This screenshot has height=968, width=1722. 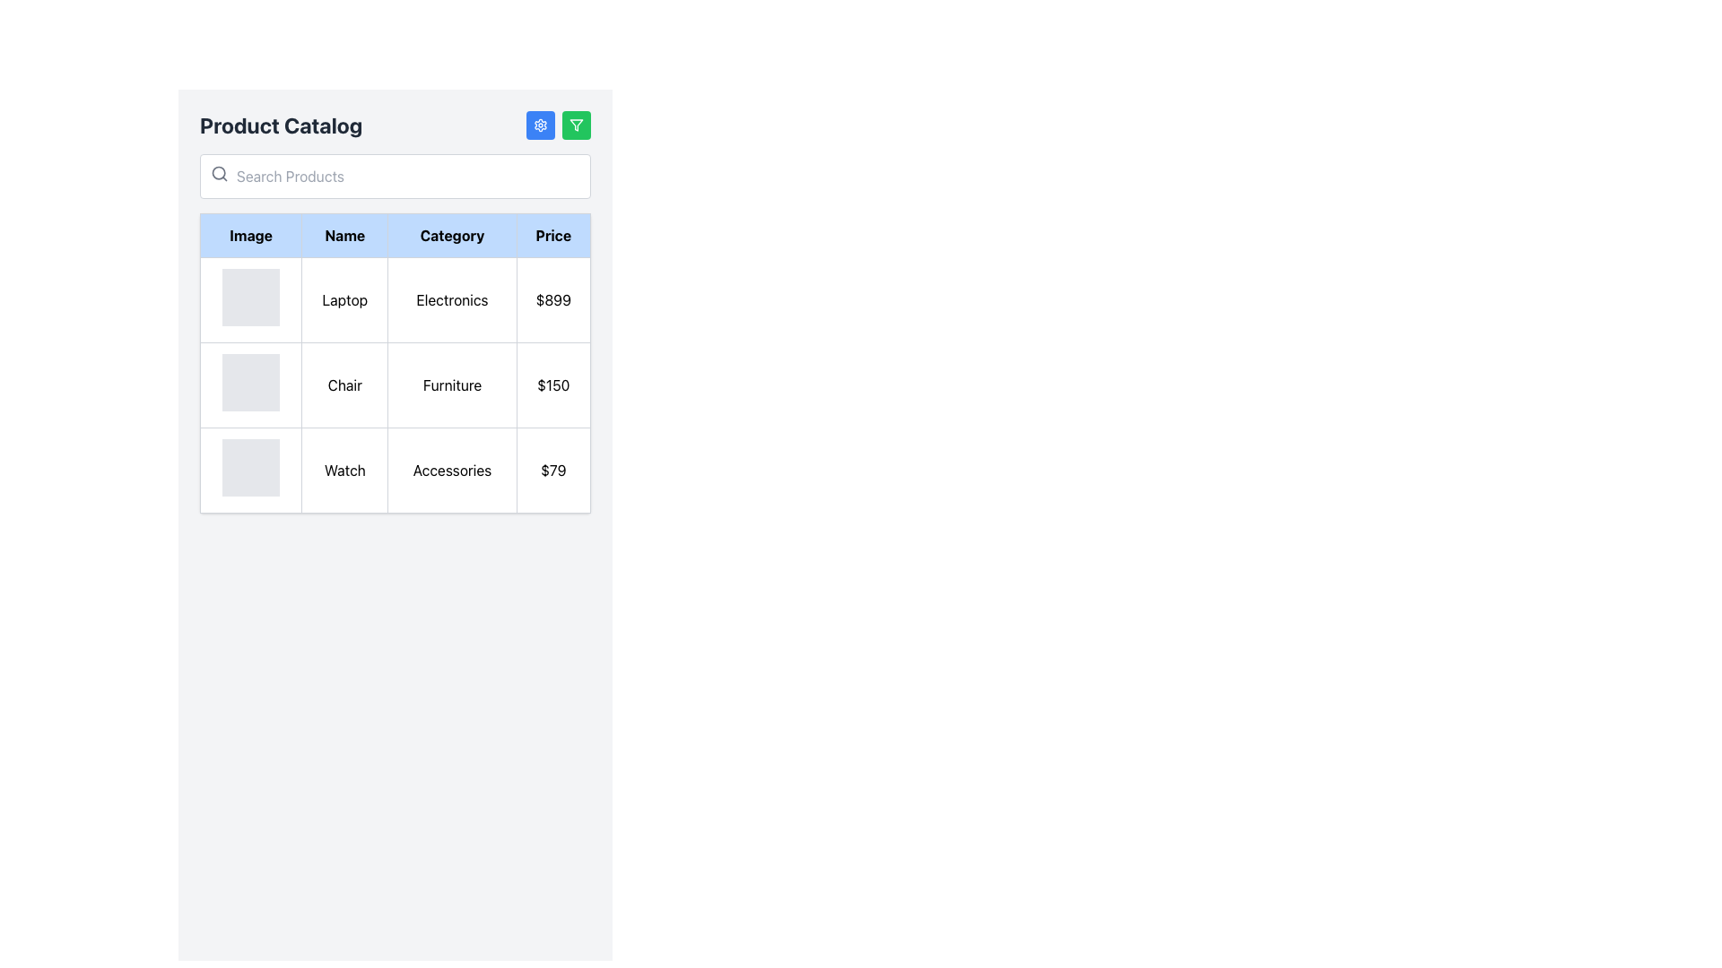 I want to click on the static visual placeholder representing an image in the first row under the 'Image' column of the 'Product Catalog' table, so click(x=250, y=296).